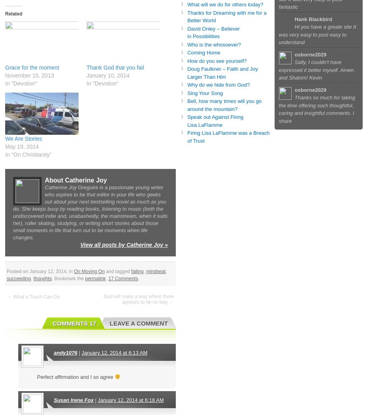  What do you see at coordinates (187, 44) in the screenshot?
I see `'Who is the whosoever?'` at bounding box center [187, 44].